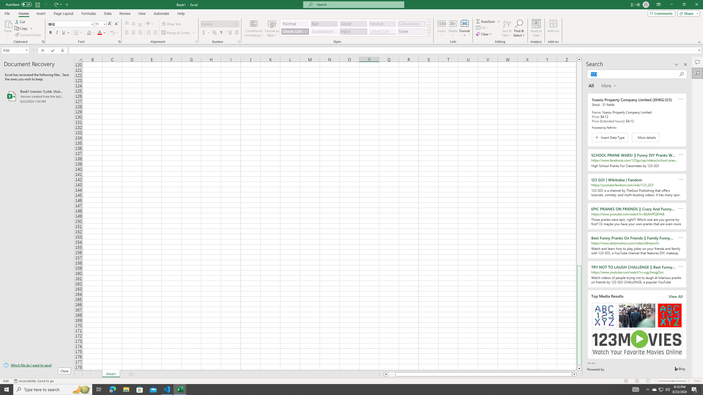 The width and height of the screenshot is (703, 395). Describe the element at coordinates (382, 24) in the screenshot. I see `'Neutral'` at that location.